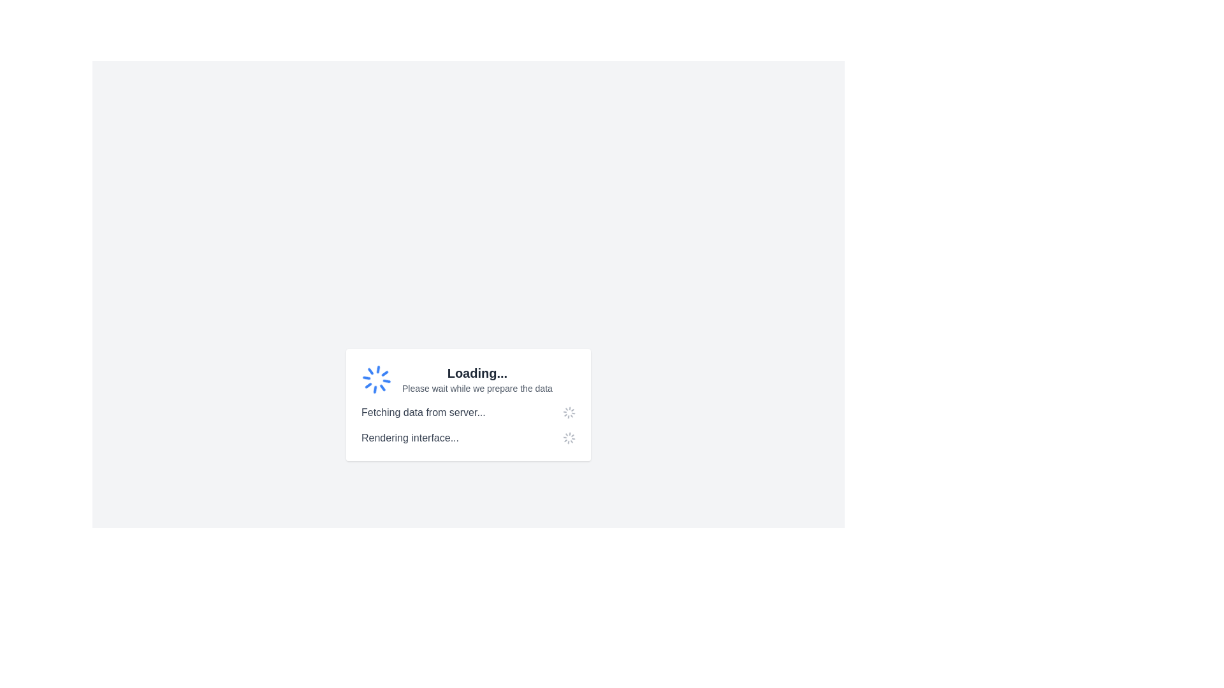 The height and width of the screenshot is (688, 1224). I want to click on status message displayed as 'Fetching data from server...' with a loading indicator next to it, located under the title 'Loading...', so click(467, 413).